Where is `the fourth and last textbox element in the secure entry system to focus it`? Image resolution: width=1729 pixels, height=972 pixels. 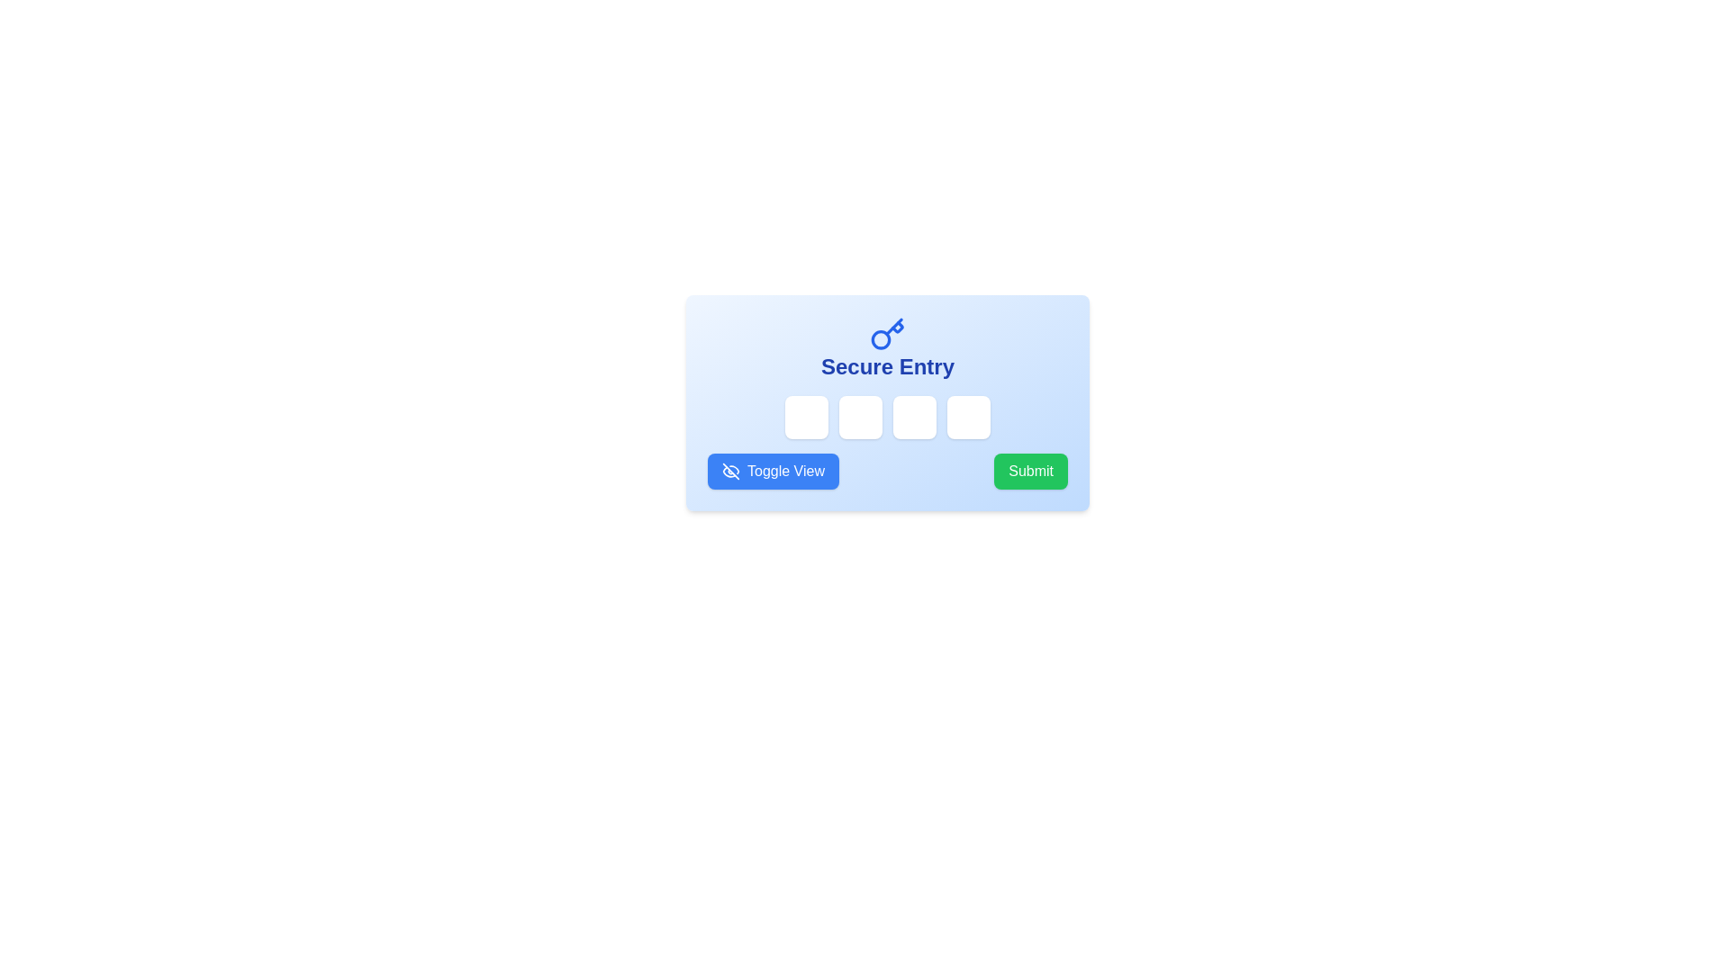
the fourth and last textbox element in the secure entry system to focus it is located at coordinates (967, 417).